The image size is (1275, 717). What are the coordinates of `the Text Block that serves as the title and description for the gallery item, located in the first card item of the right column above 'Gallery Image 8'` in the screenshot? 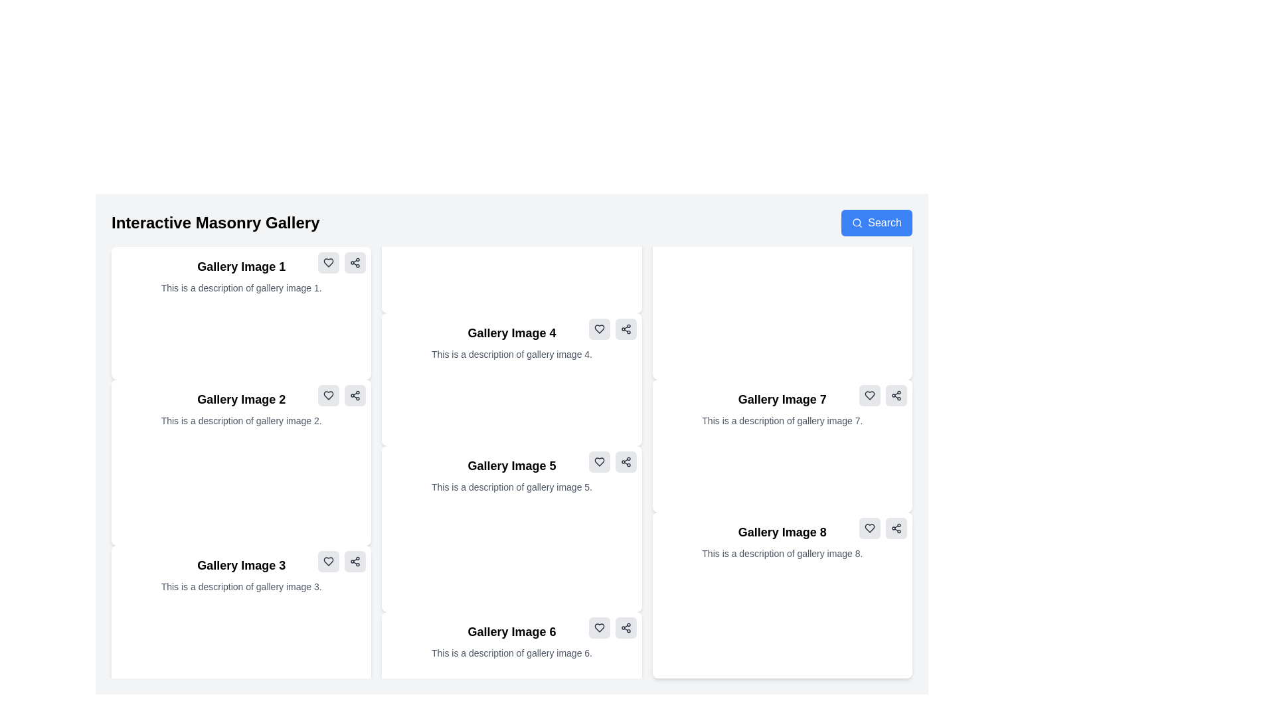 It's located at (782, 408).